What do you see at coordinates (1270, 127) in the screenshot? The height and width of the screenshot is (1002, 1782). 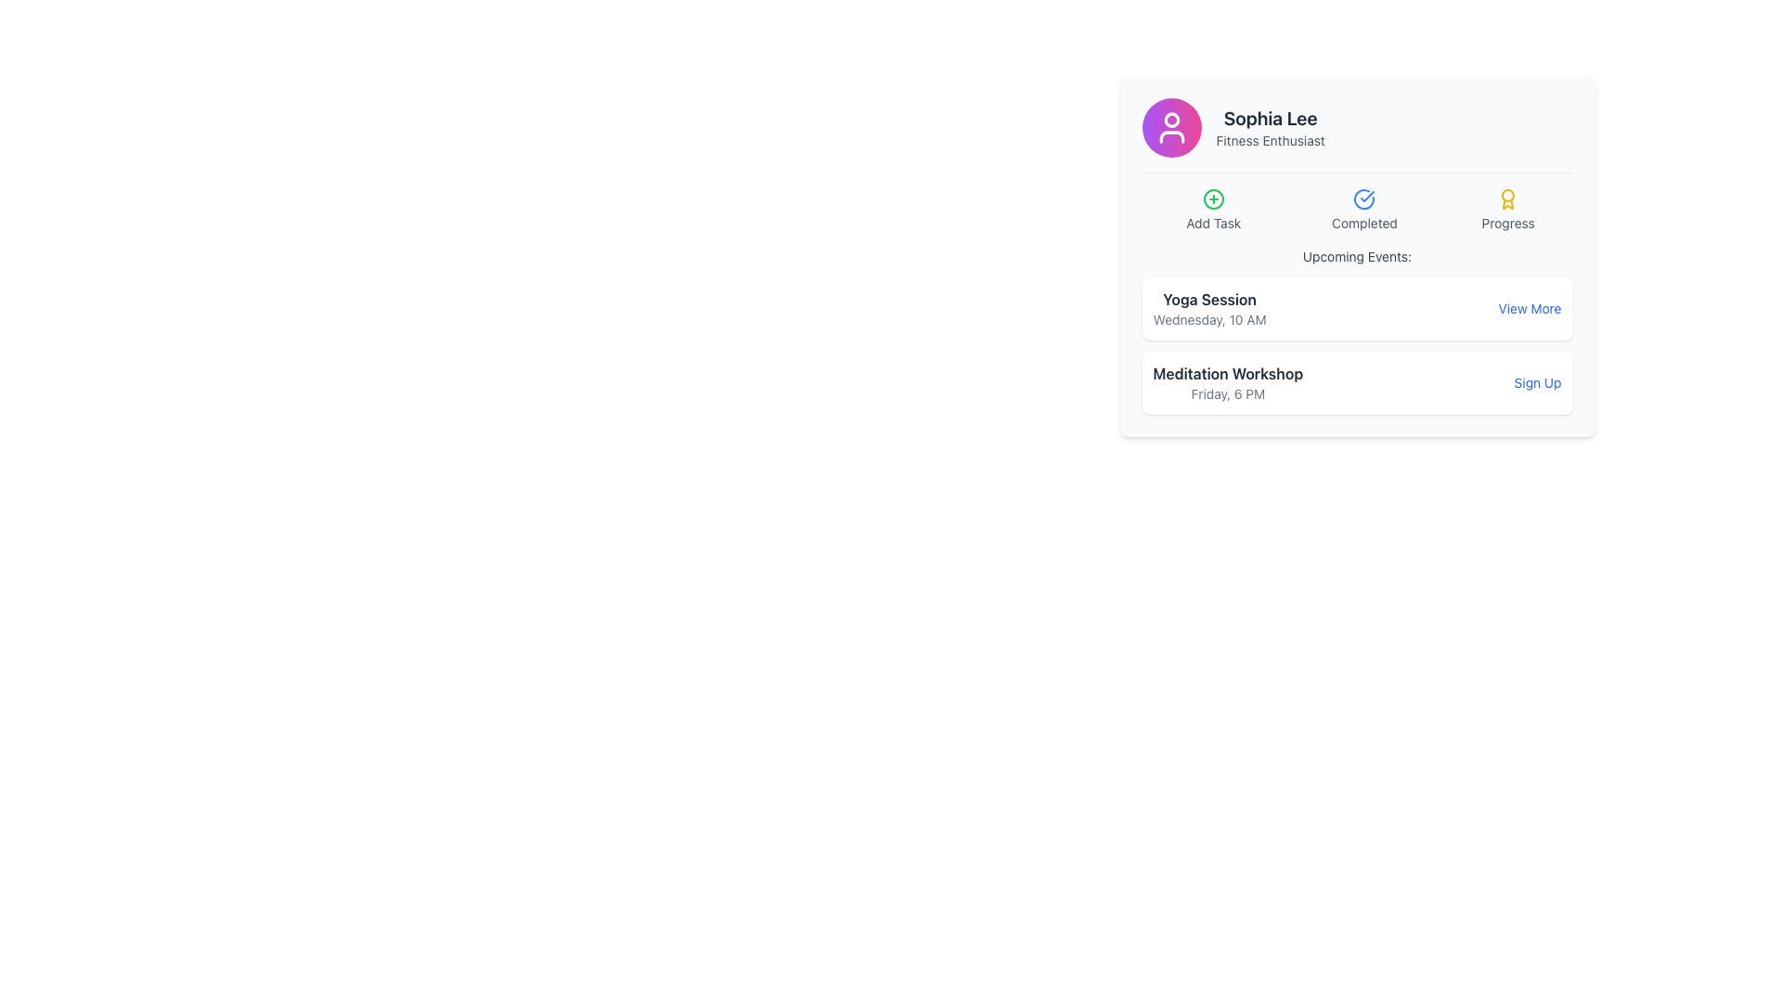 I see `text displayed at the top center of the card component, which shows the user's name and title, located to the right of a circular icon` at bounding box center [1270, 127].